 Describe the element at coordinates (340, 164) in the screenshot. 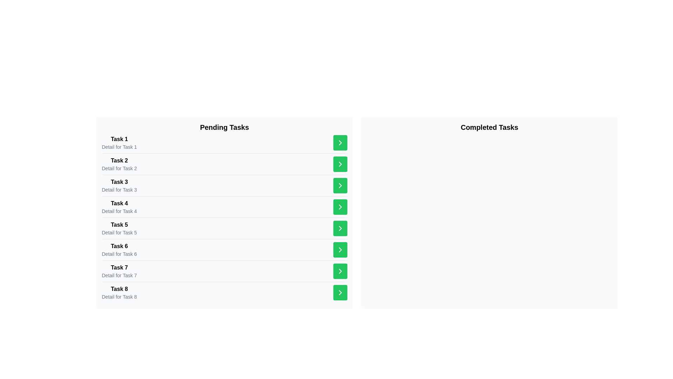

I see `the navigational button located at the far right of the second row in the 'Pending Tasks' list to proceed to further details or actions associated with 'Task 2'` at that location.